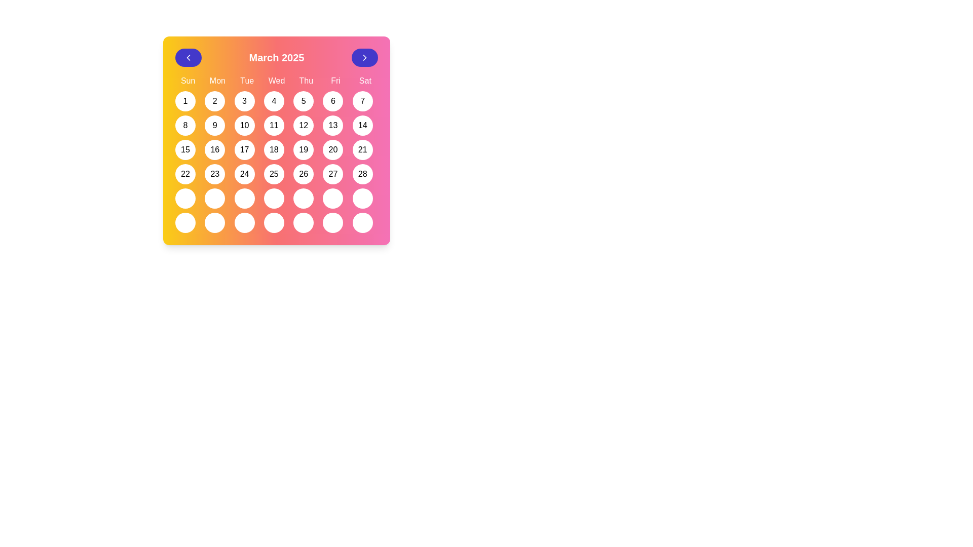 The image size is (973, 547). Describe the element at coordinates (247, 80) in the screenshot. I see `the header text label indicating 'Tue' in the calendar view, which is centrally aligned in the third column from the left` at that location.